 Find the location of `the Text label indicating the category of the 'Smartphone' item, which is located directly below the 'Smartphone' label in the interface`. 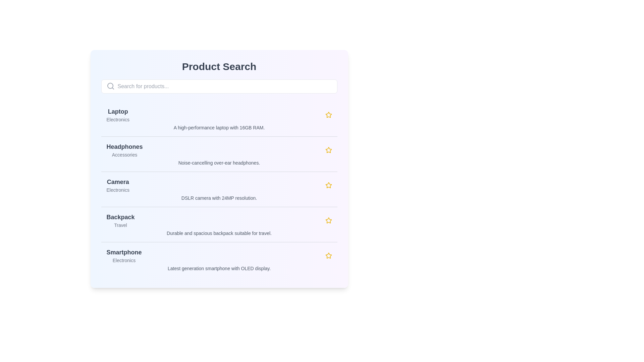

the Text label indicating the category of the 'Smartphone' item, which is located directly below the 'Smartphone' label in the interface is located at coordinates (124, 260).